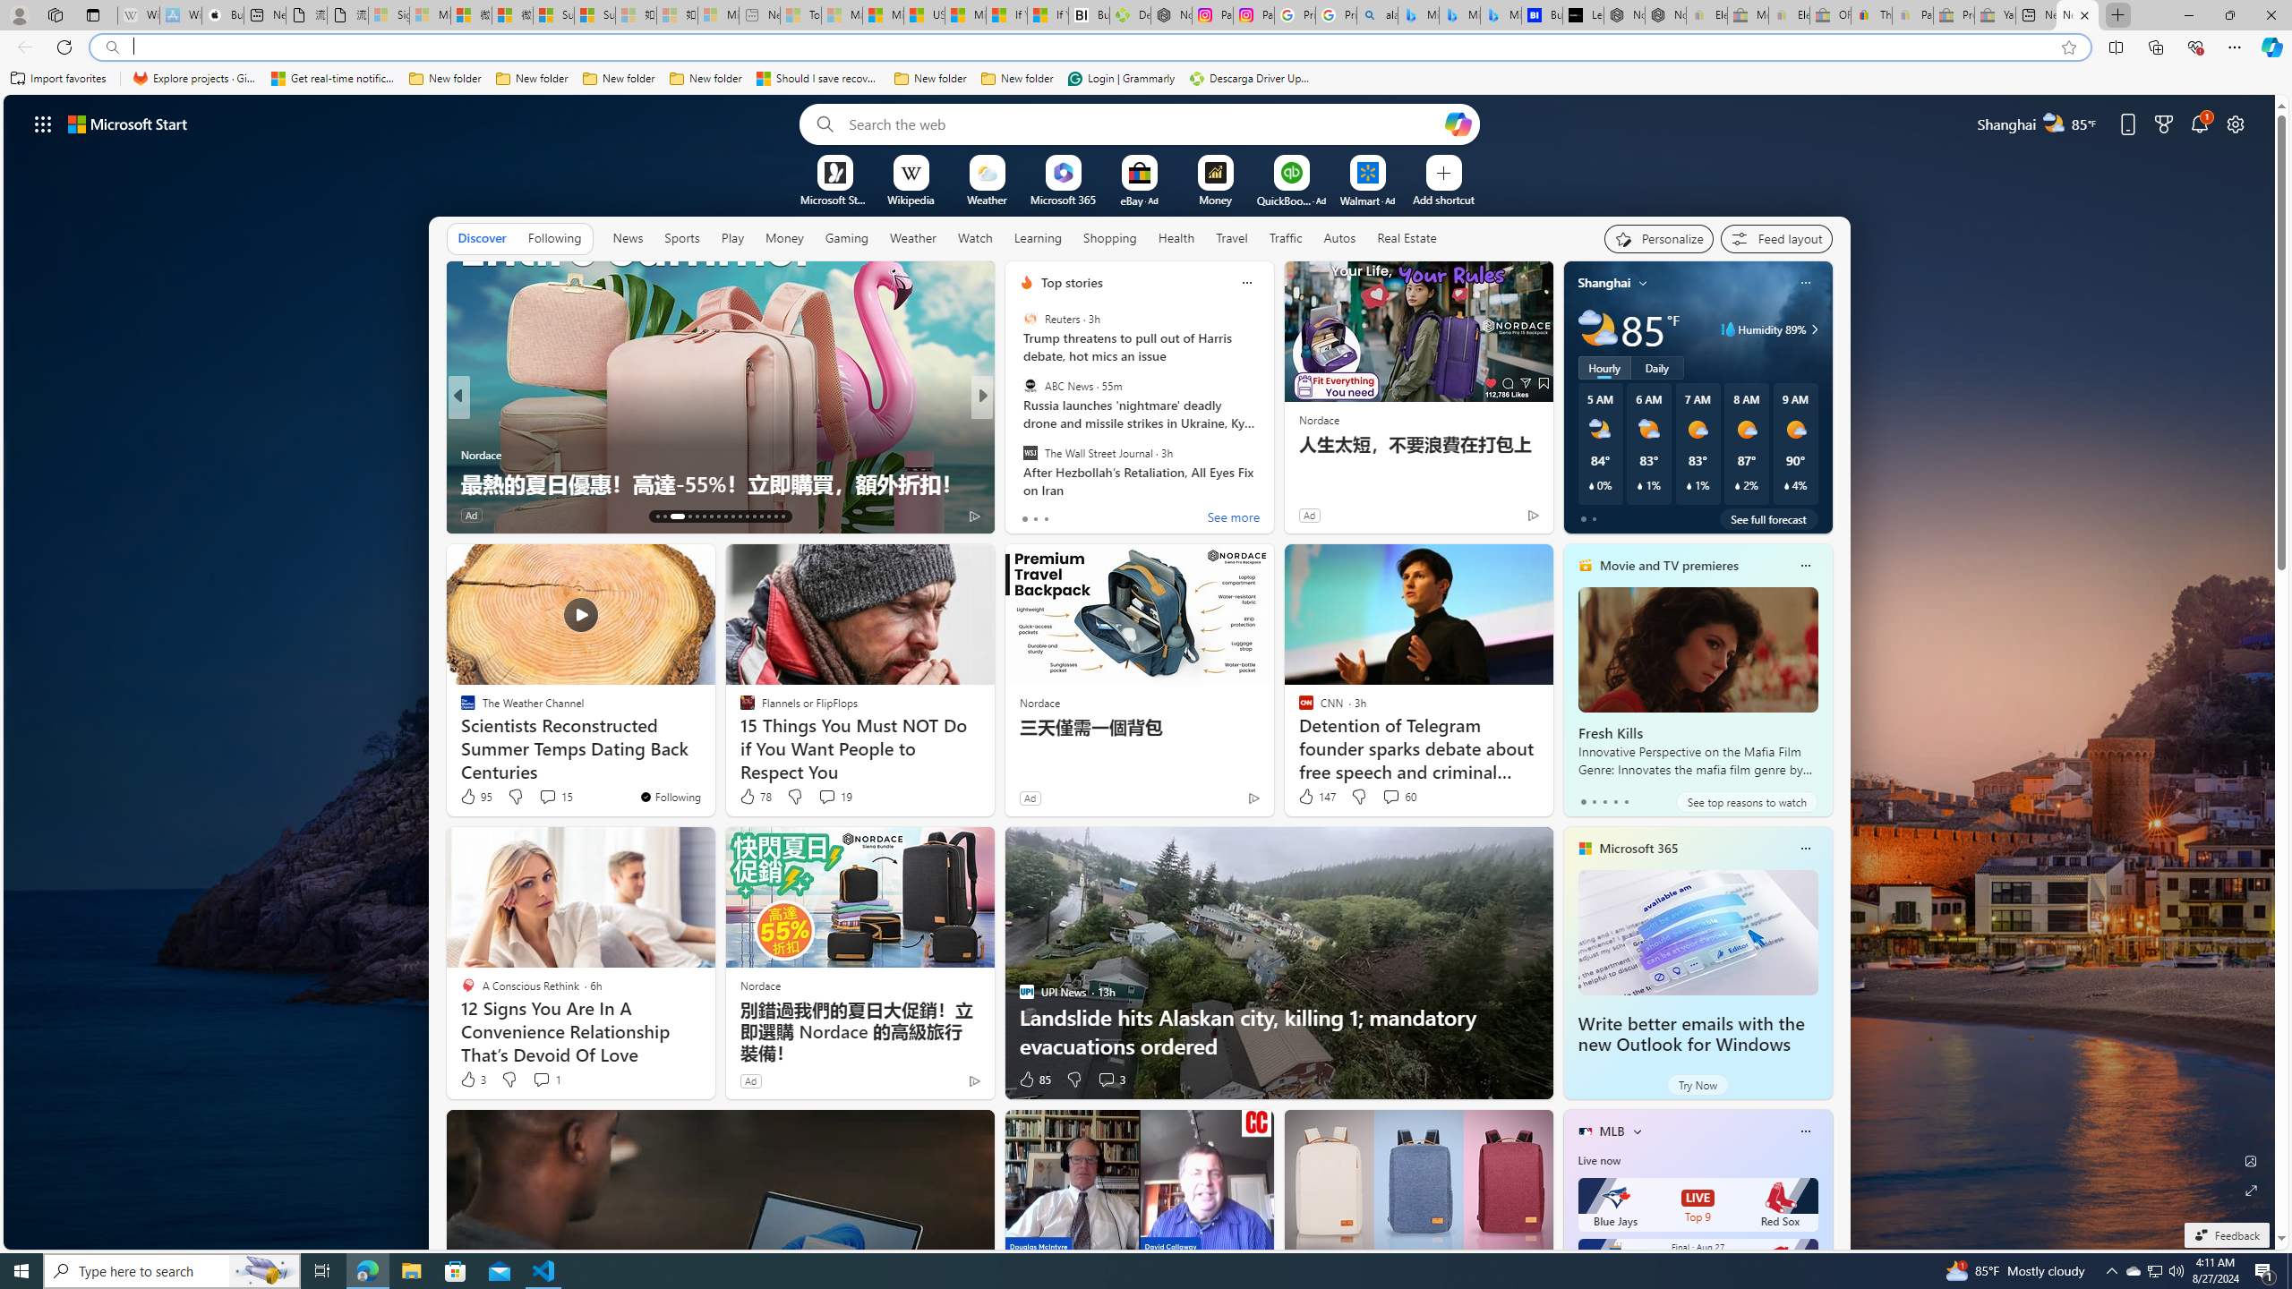  What do you see at coordinates (1270, 469) in the screenshot?
I see `'Chicago, other Midwest cities on alert for excessive heat'` at bounding box center [1270, 469].